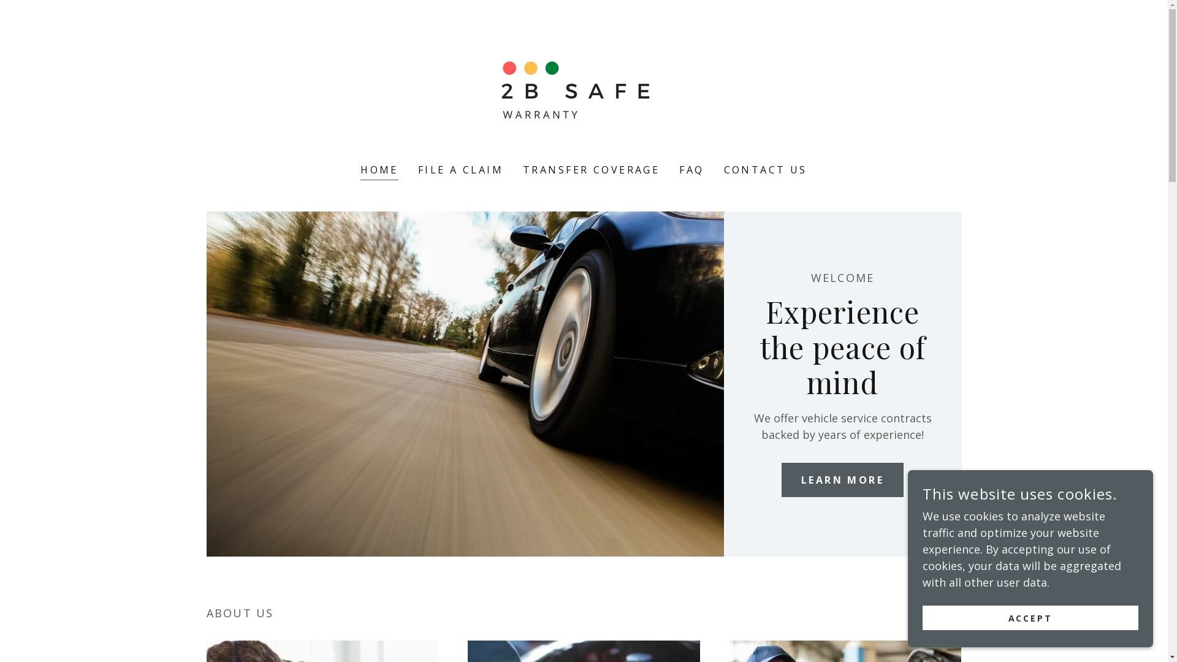  I want to click on 'TRANSFER COVERAGE', so click(591, 170).